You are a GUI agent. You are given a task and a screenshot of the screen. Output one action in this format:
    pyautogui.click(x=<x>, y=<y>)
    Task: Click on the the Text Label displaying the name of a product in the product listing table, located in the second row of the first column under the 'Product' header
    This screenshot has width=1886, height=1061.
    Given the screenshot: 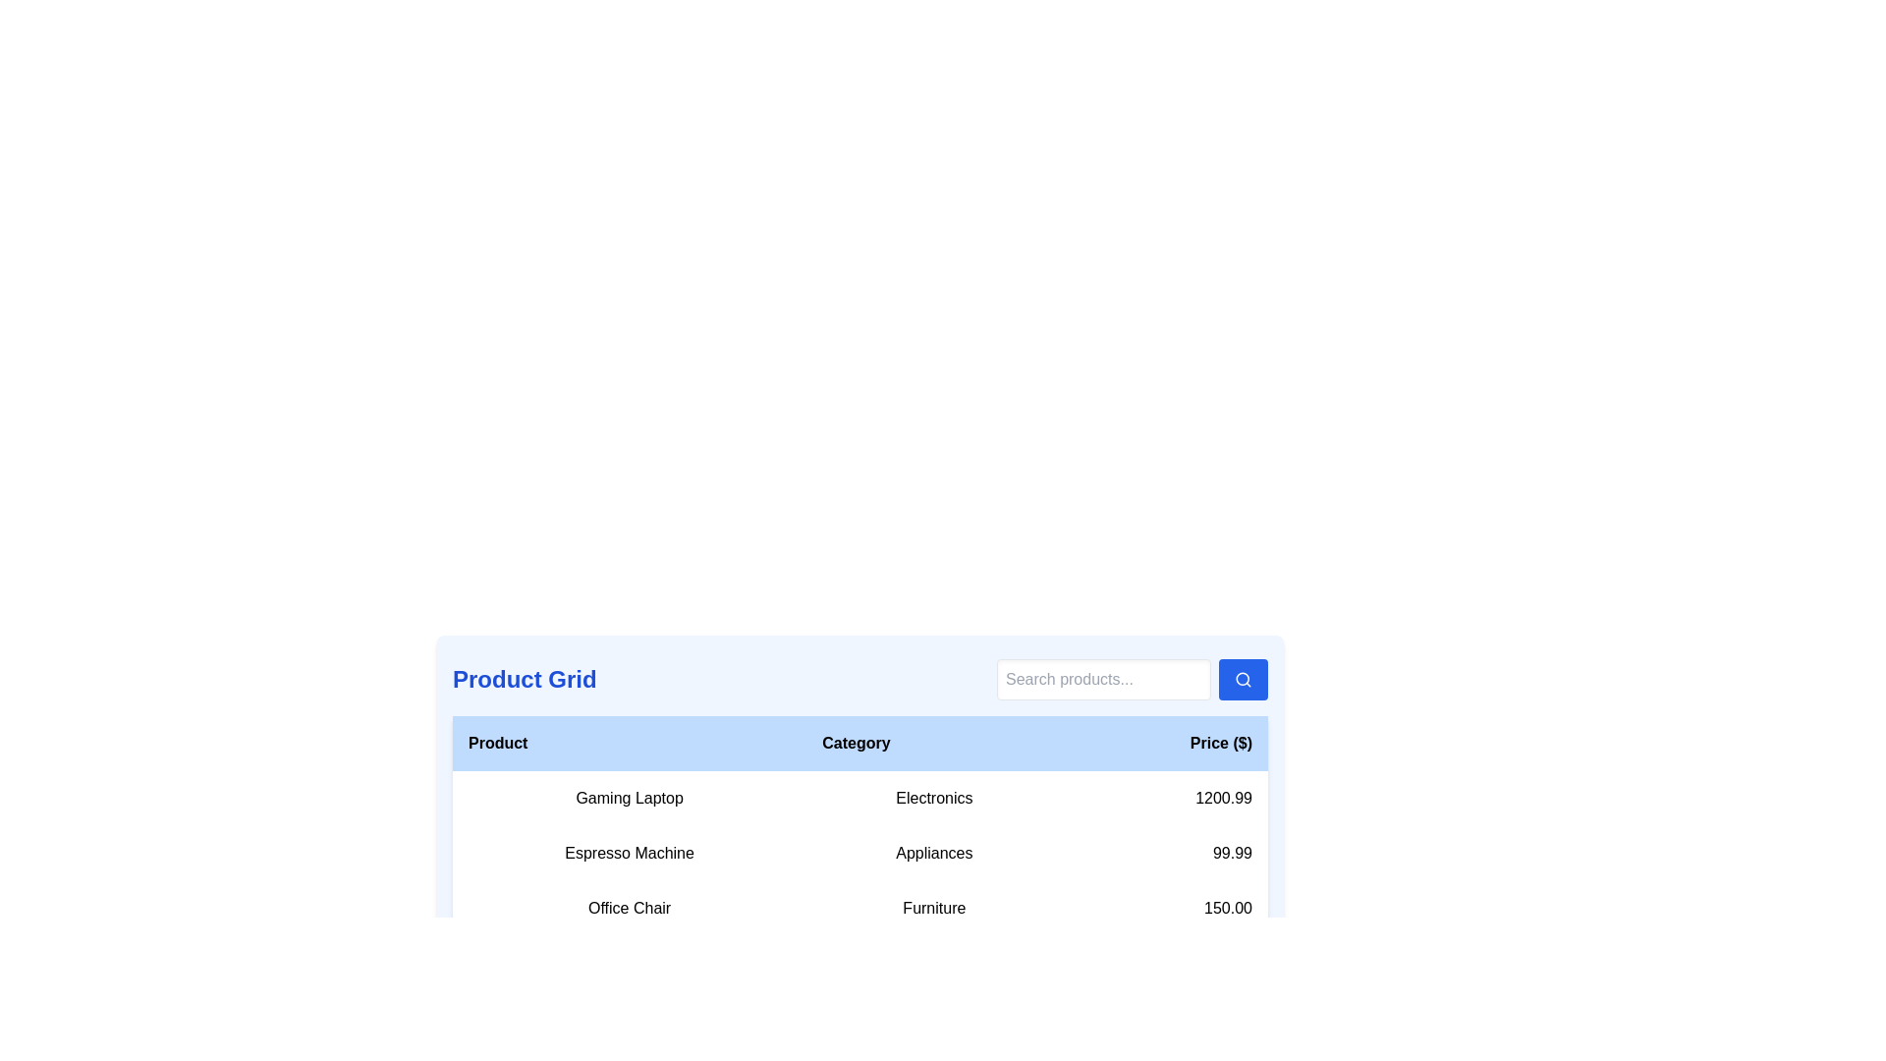 What is the action you would take?
    pyautogui.click(x=630, y=852)
    